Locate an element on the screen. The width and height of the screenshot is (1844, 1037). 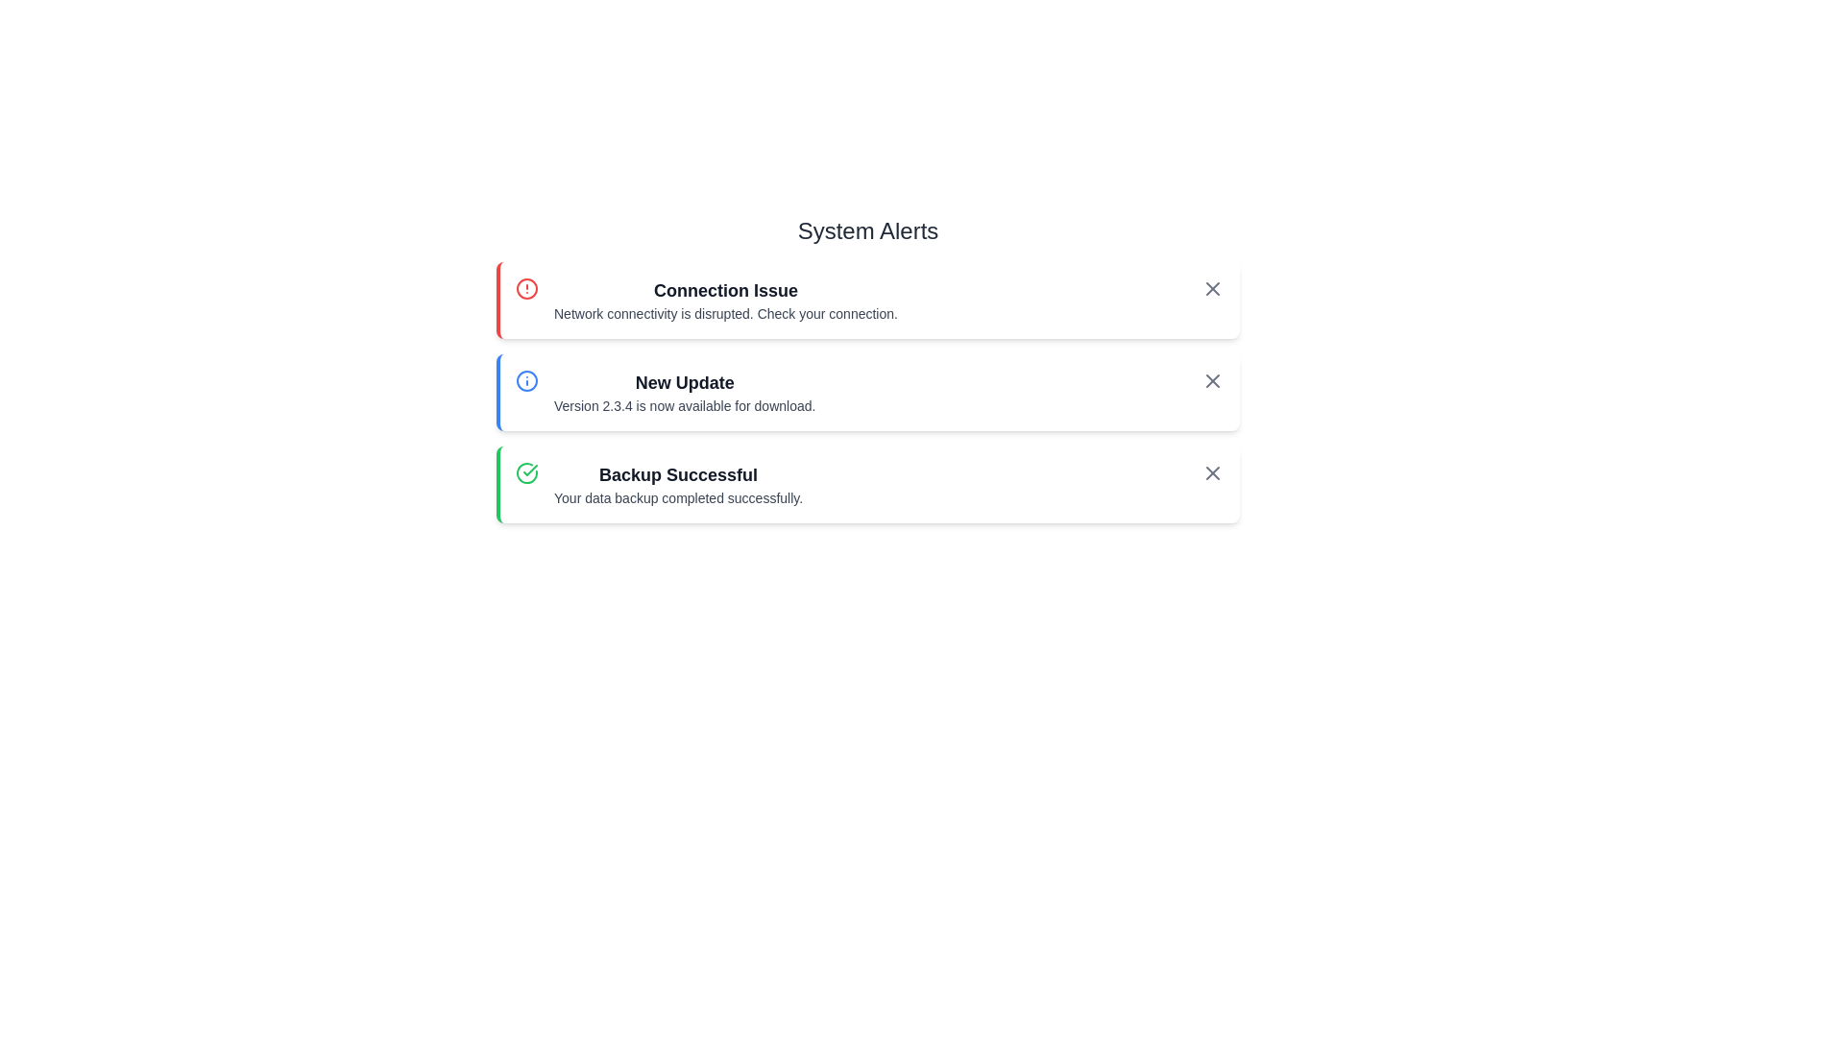
the 'Connection Issue' header text is located at coordinates (724, 291).